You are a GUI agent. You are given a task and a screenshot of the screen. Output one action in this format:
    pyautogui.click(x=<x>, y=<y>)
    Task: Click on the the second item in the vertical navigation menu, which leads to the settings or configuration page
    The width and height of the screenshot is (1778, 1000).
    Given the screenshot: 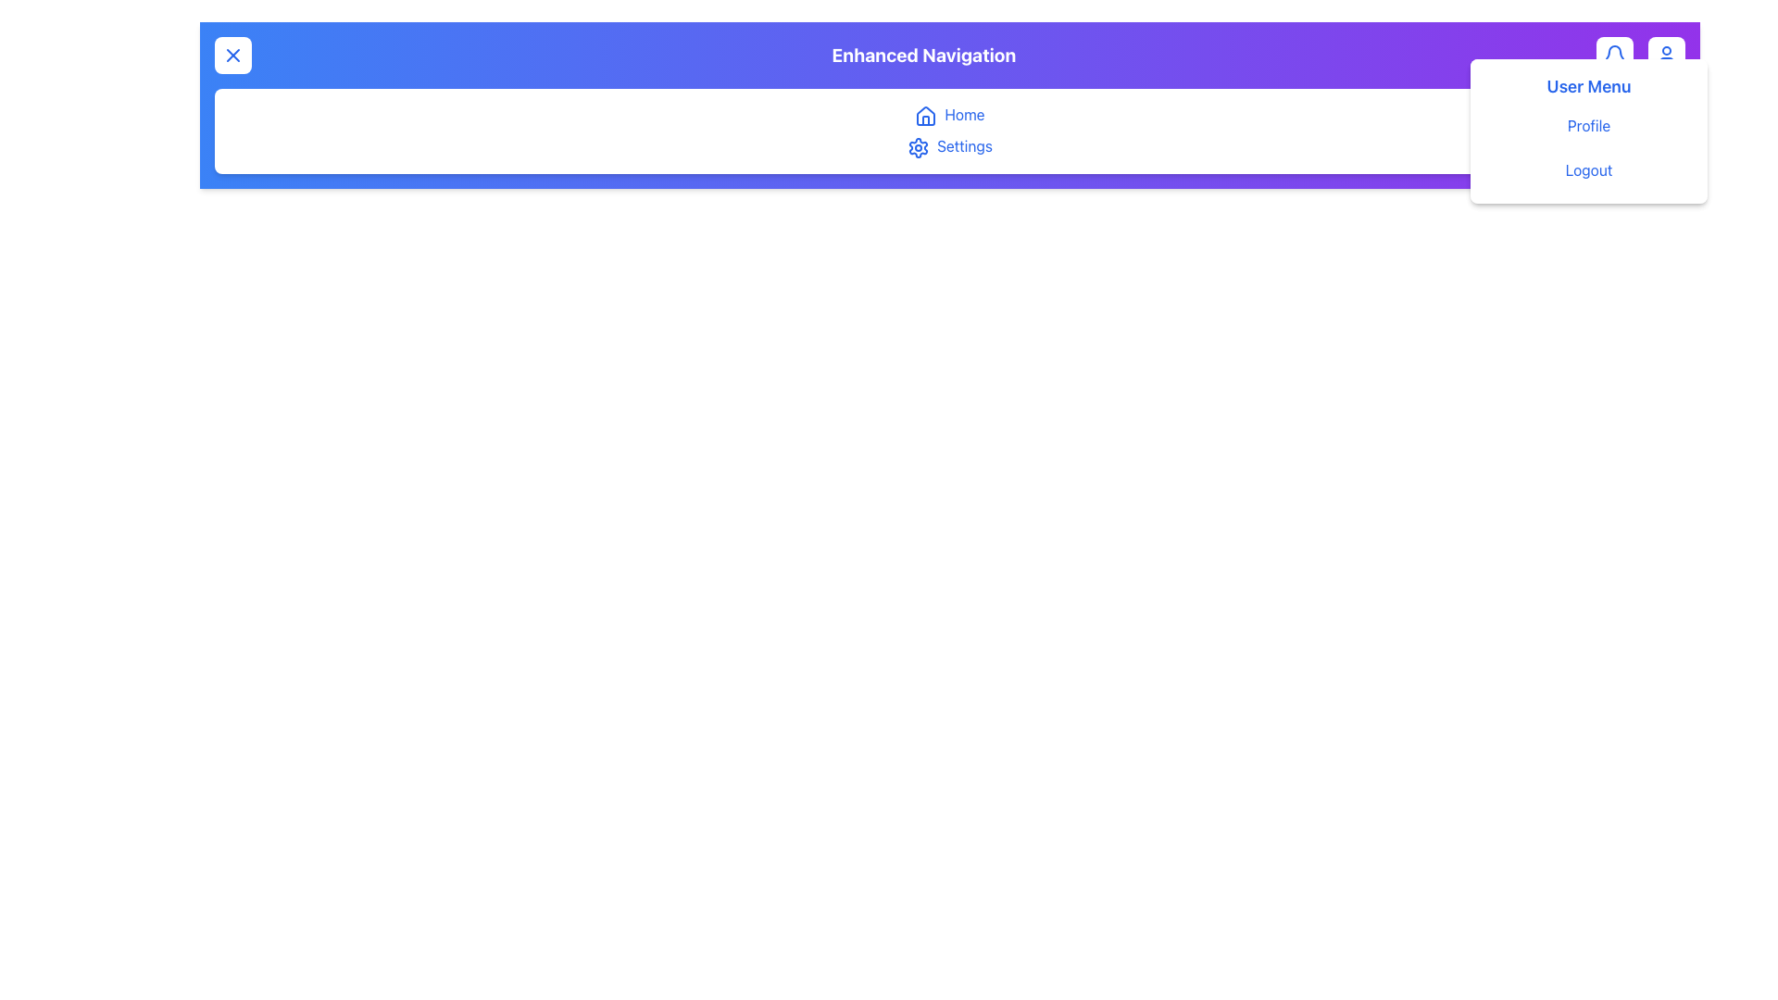 What is the action you would take?
    pyautogui.click(x=950, y=145)
    